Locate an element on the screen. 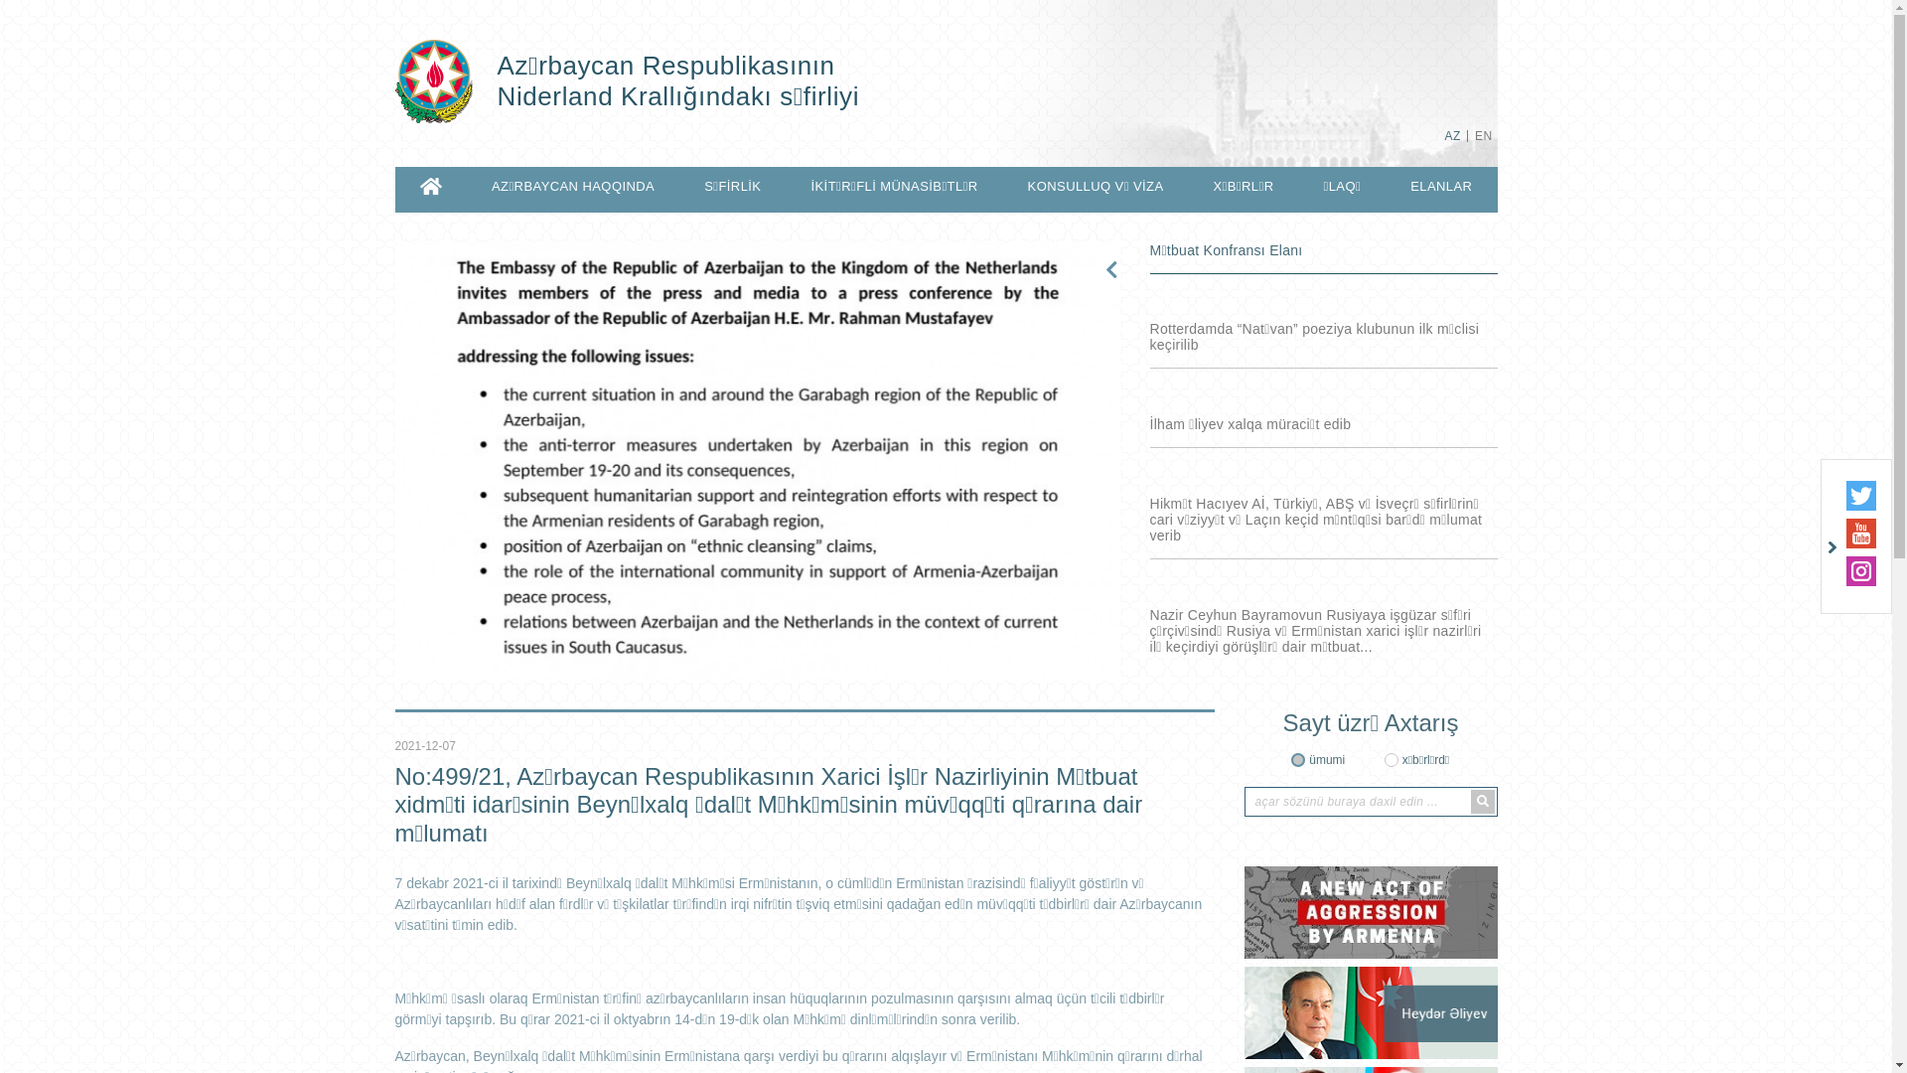 The width and height of the screenshot is (1907, 1073). 'ELANLAR' is located at coordinates (1440, 187).